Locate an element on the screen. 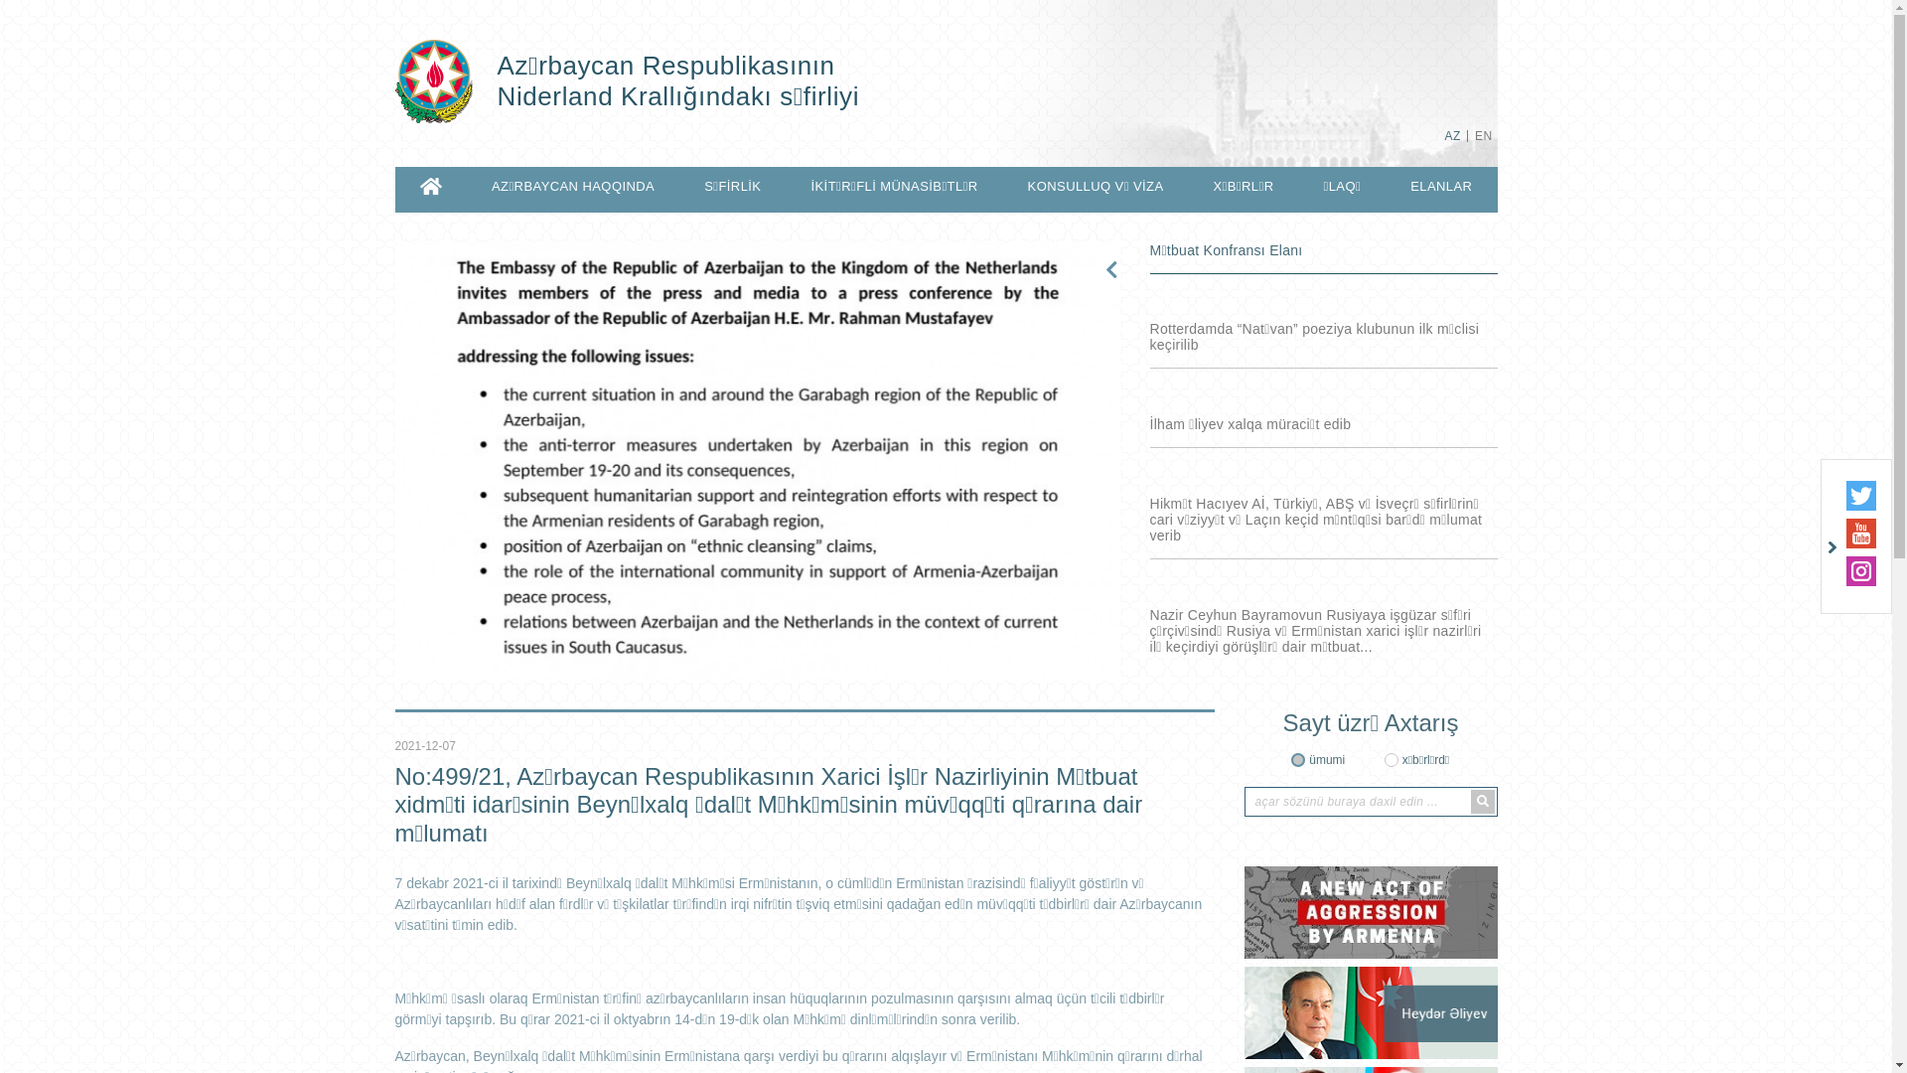 The width and height of the screenshot is (1907, 1073). 'ELANLAR' is located at coordinates (1440, 187).